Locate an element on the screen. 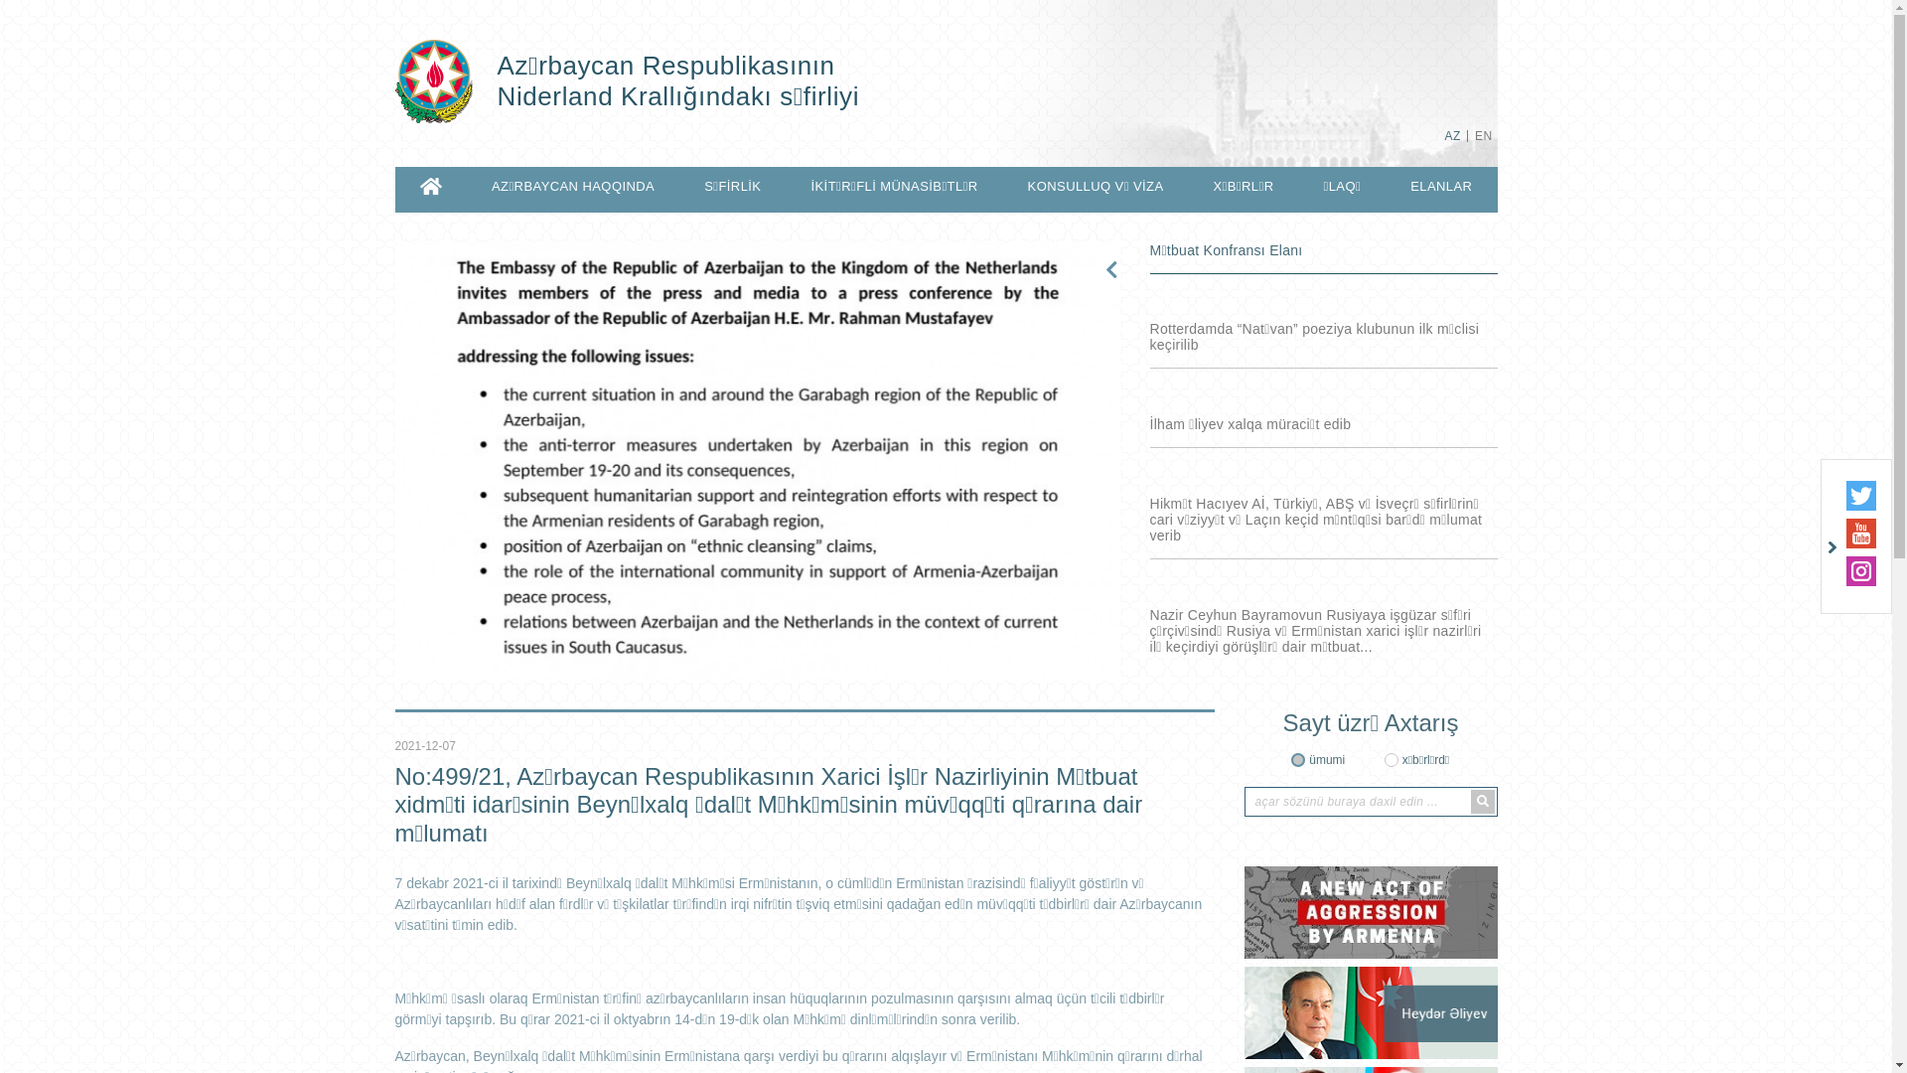 The width and height of the screenshot is (1907, 1073). 'ELANLAR' is located at coordinates (1440, 187).